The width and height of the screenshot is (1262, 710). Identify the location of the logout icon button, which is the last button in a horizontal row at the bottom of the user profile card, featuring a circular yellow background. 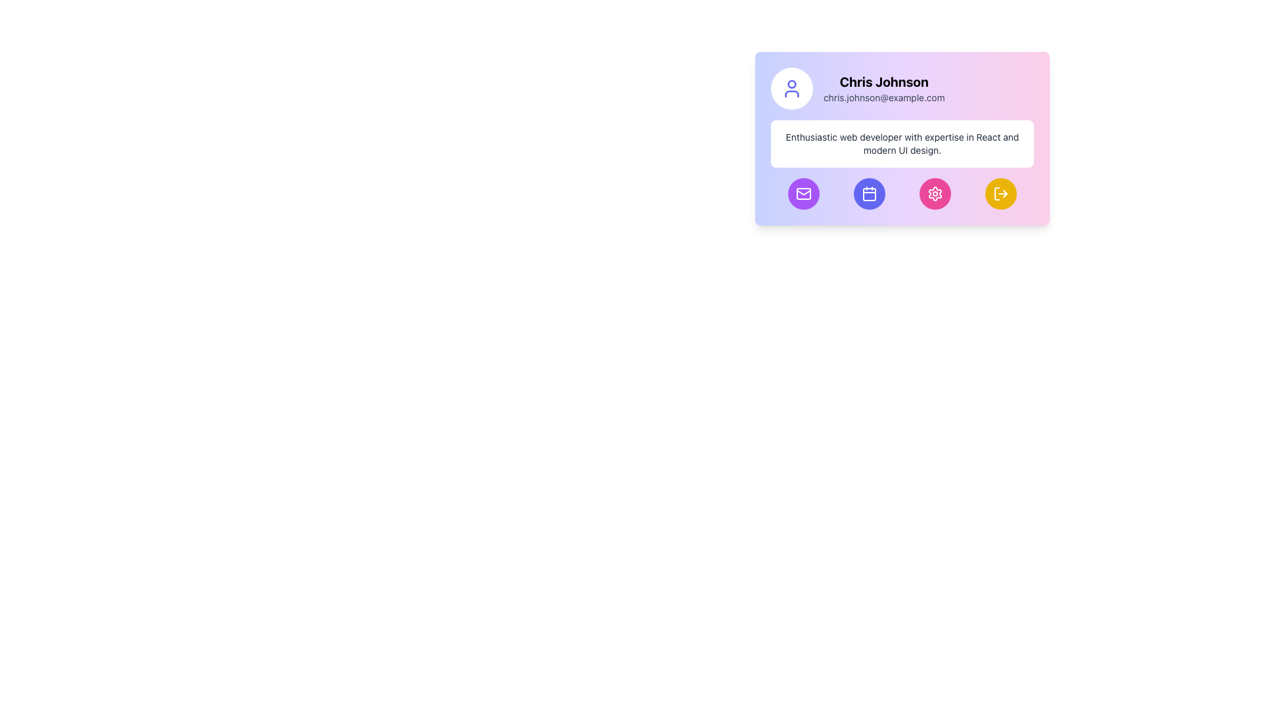
(1000, 193).